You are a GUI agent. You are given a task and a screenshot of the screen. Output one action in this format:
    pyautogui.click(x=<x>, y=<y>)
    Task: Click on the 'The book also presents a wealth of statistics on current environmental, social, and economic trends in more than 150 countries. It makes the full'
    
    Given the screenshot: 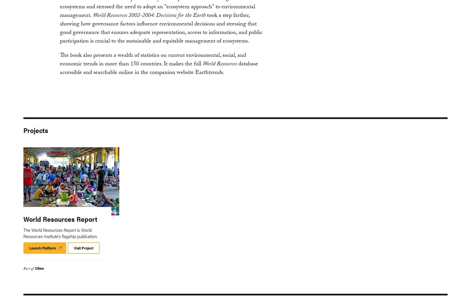 What is the action you would take?
    pyautogui.click(x=152, y=59)
    